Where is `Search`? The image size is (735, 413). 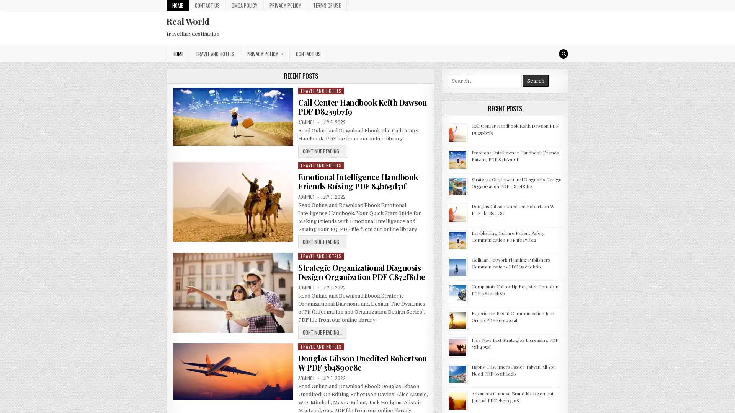
Search is located at coordinates (535, 81).